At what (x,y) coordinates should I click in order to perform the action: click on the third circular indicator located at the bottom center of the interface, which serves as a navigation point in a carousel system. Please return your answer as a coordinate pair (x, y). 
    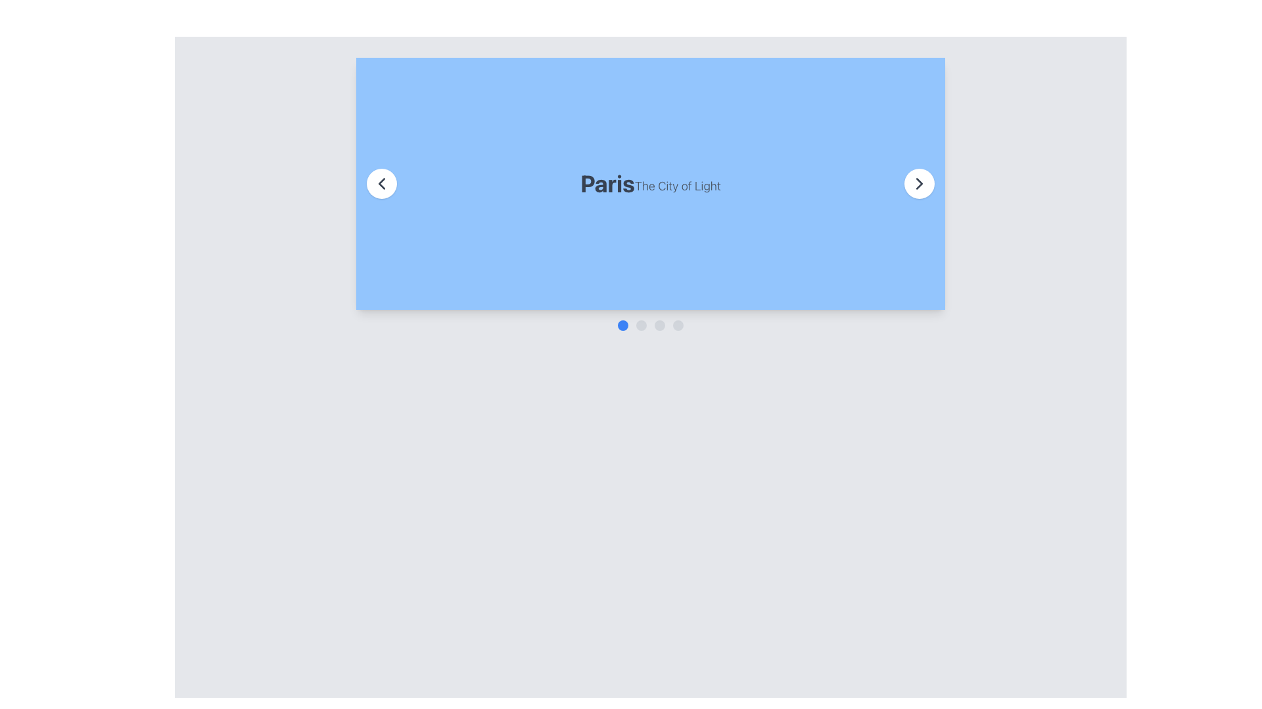
    Looking at the image, I should click on (659, 325).